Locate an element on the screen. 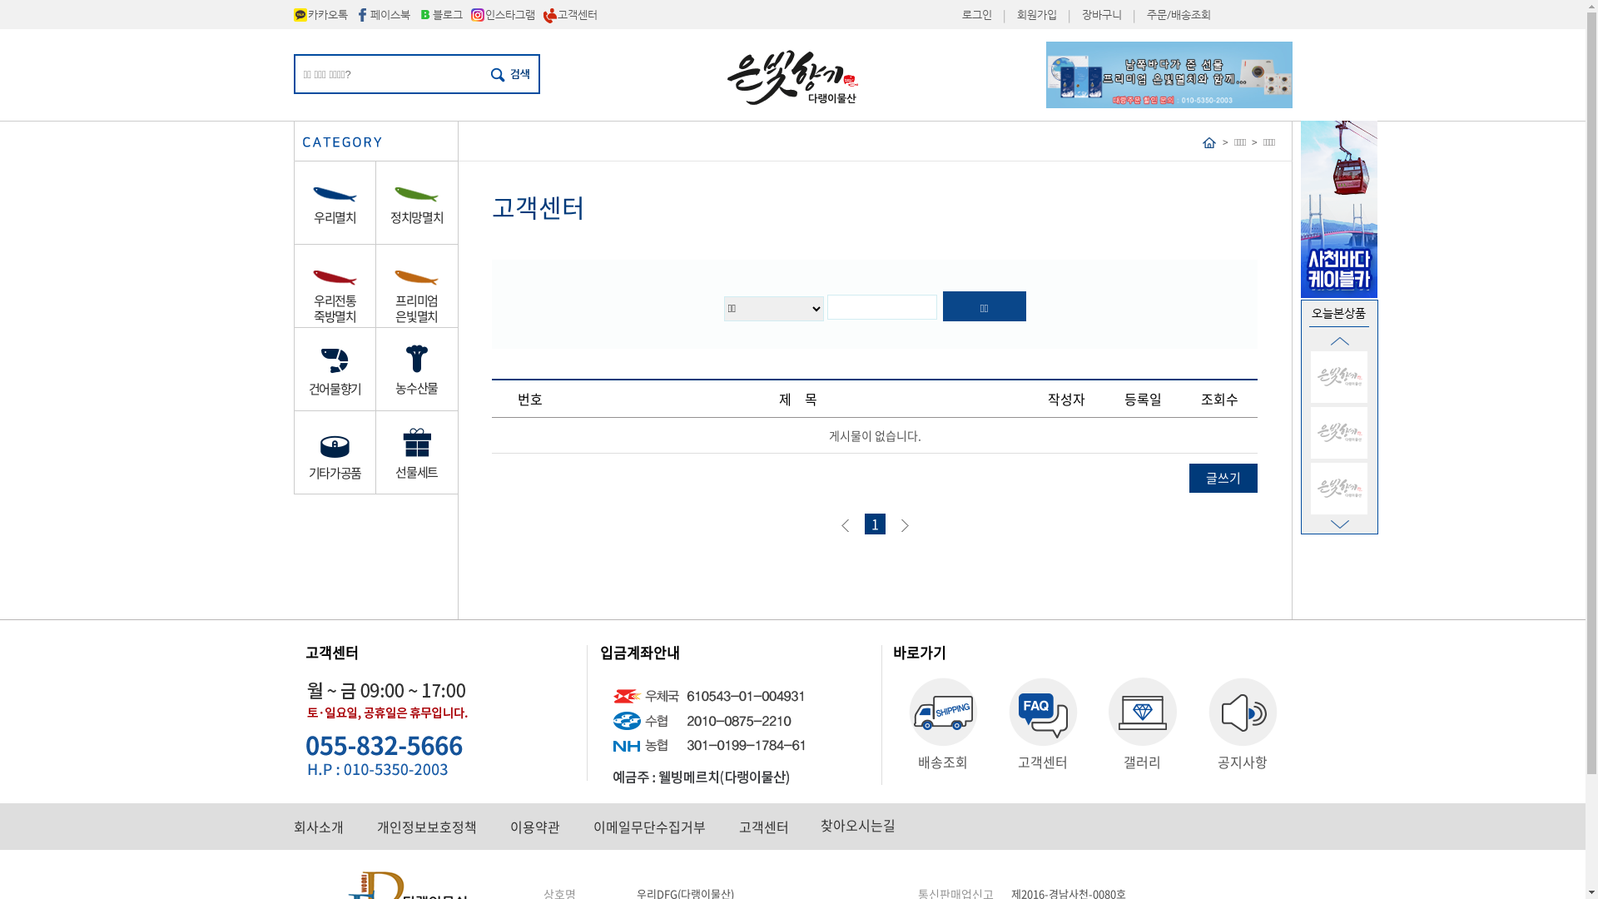 This screenshot has height=899, width=1598. '1' is located at coordinates (873, 523).